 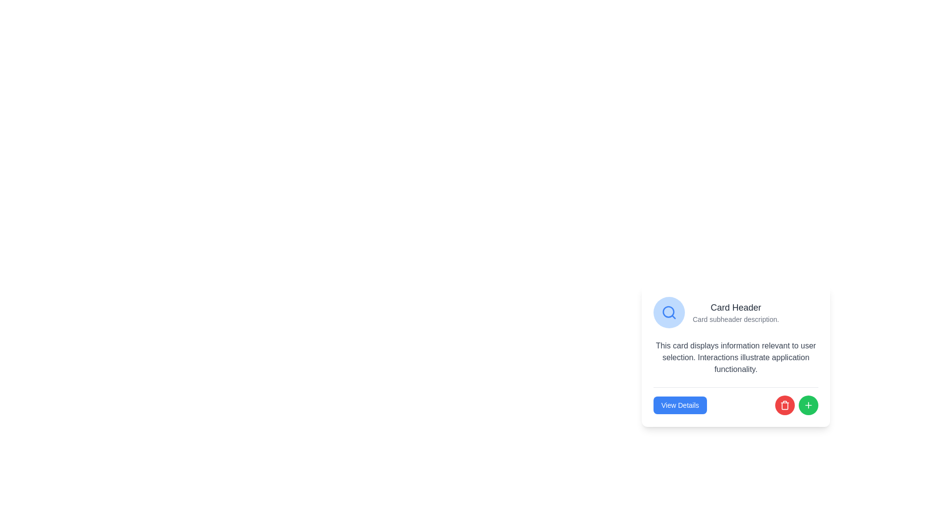 I want to click on the delete icon button located at the bottom of the card, positioned between the 'View Details' button and the green '+' button, so click(x=784, y=405).